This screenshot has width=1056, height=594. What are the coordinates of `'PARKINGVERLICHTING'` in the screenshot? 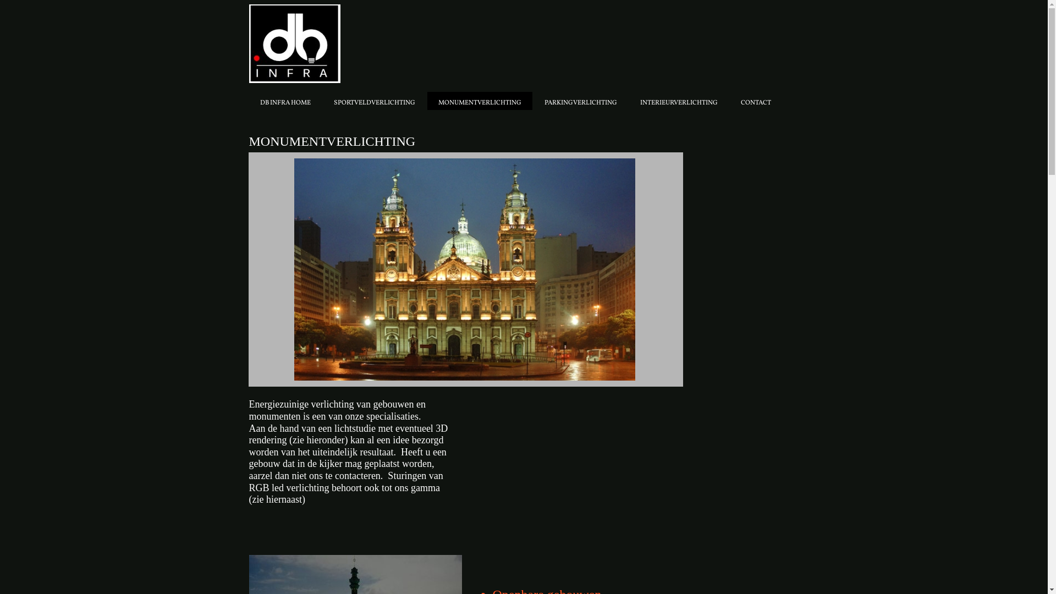 It's located at (580, 101).